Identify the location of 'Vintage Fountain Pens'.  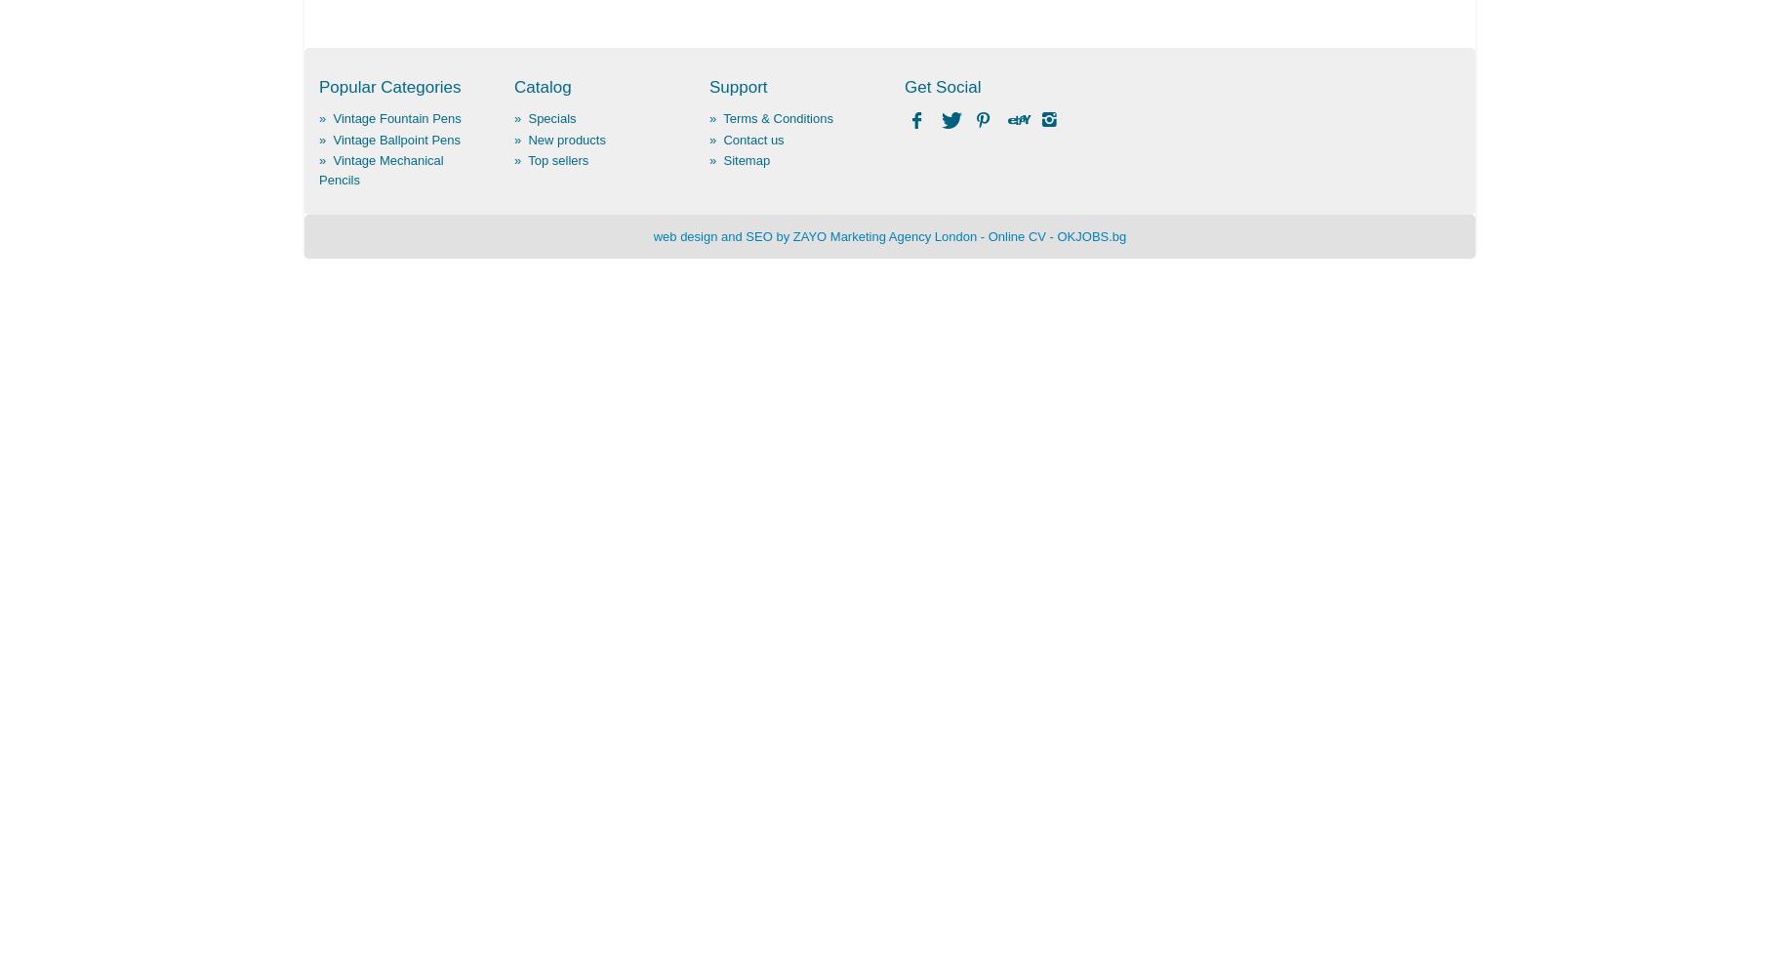
(396, 117).